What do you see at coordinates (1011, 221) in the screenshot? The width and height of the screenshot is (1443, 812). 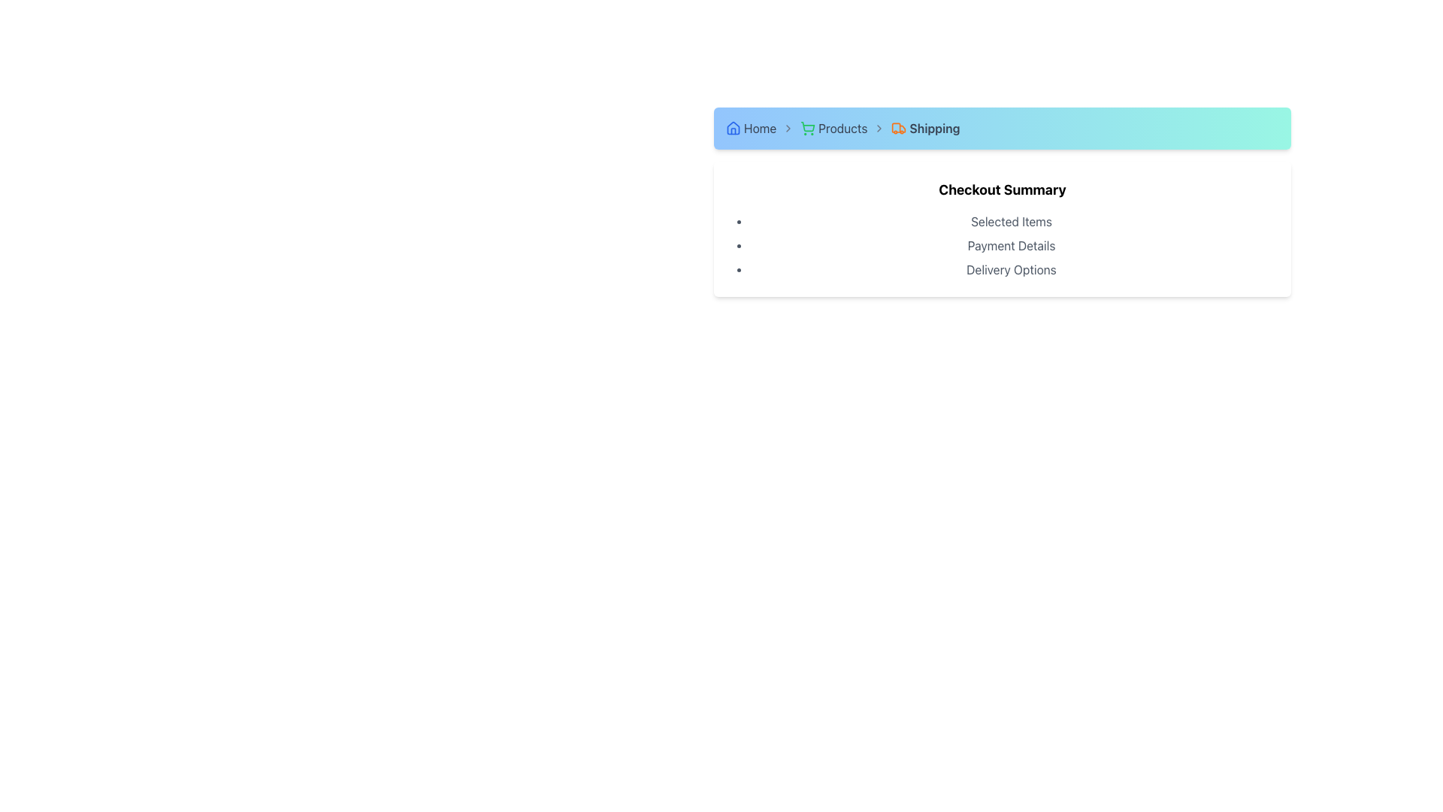 I see `the Text Label indicating a section or item category in the Checkout Summary, which is the first item in the list above 'Payment Details' and 'Delivery Options'` at bounding box center [1011, 221].